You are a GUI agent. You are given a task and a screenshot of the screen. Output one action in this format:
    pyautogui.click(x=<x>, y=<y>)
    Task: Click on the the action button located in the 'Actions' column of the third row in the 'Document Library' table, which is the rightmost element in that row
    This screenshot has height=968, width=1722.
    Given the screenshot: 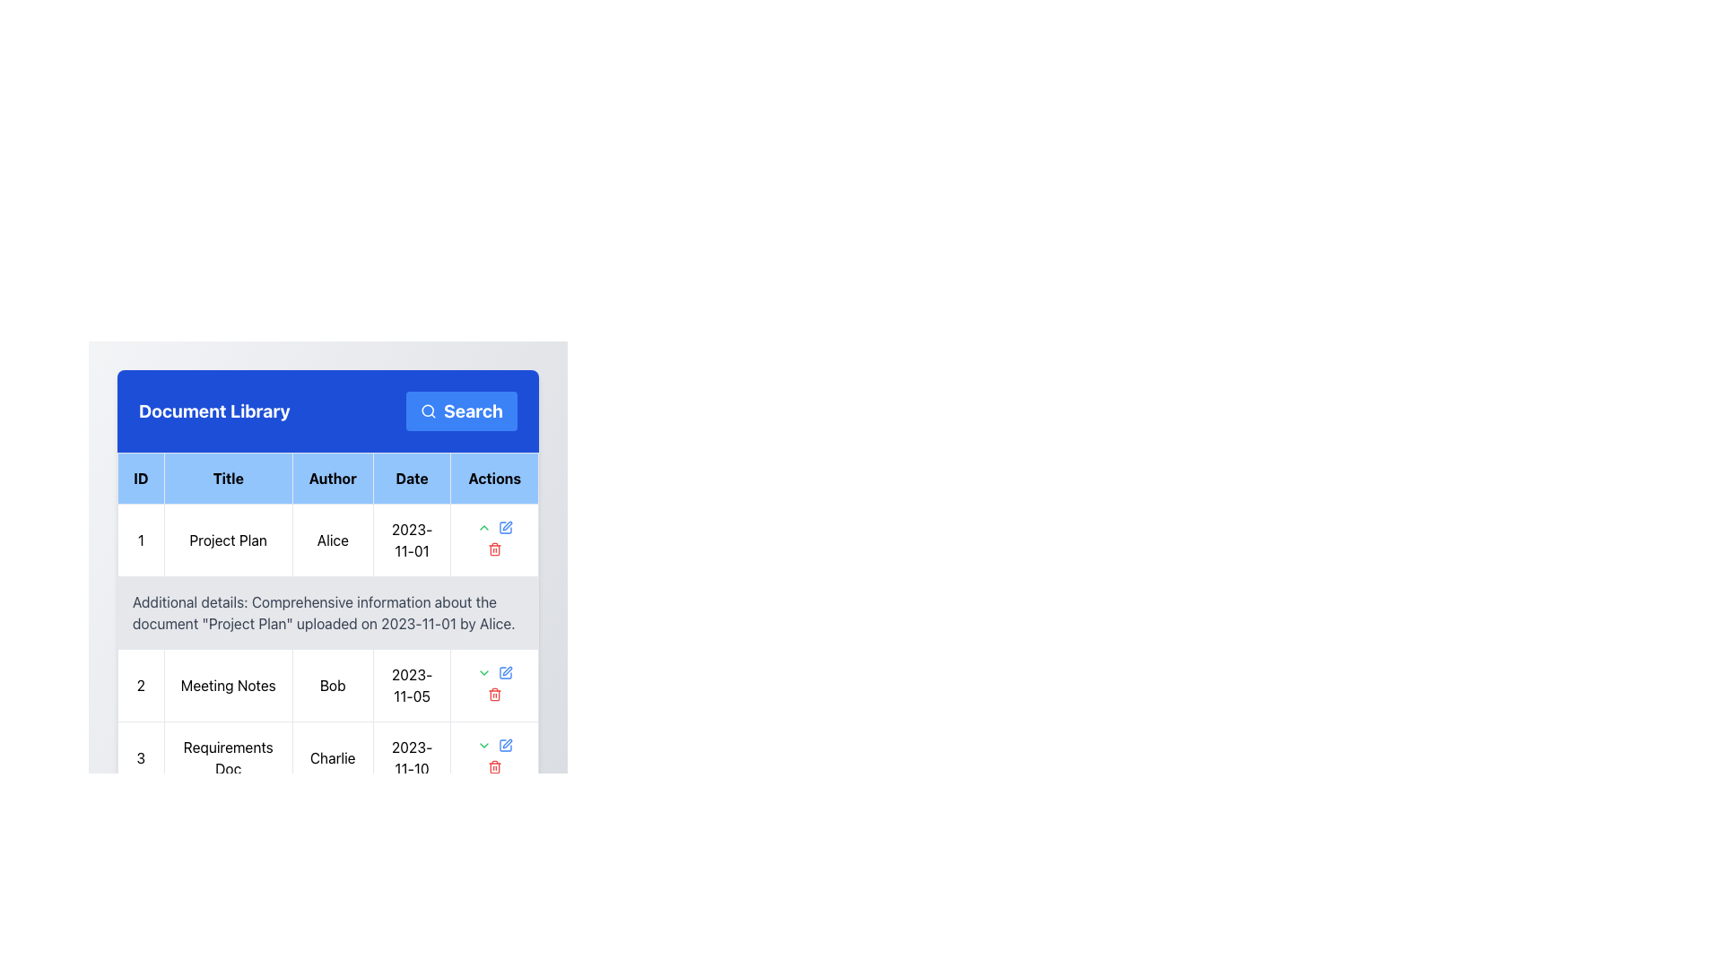 What is the action you would take?
    pyautogui.click(x=494, y=757)
    